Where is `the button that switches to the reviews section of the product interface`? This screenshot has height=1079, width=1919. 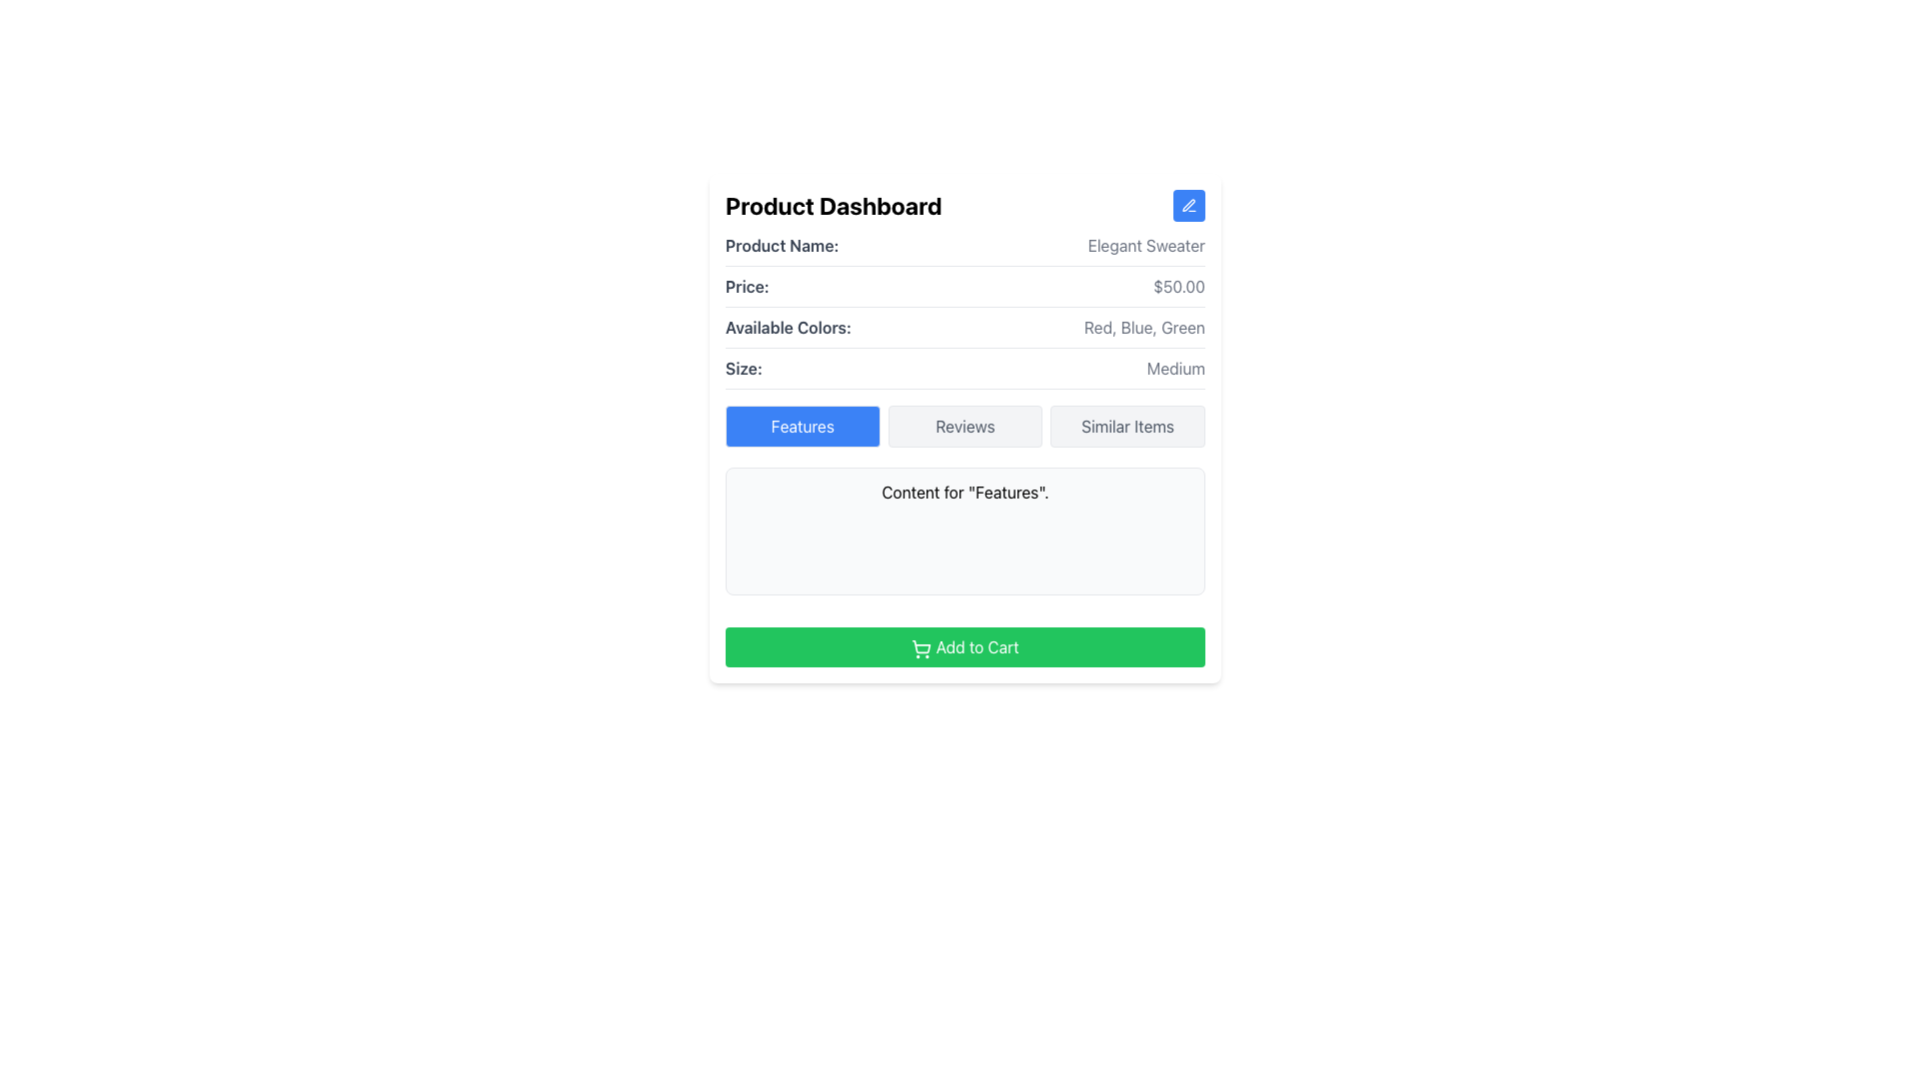
the button that switches to the reviews section of the product interface is located at coordinates (964, 426).